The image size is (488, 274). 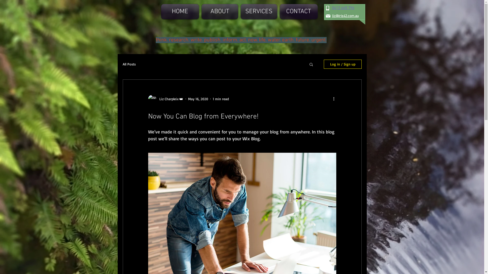 I want to click on 'SERVICES', so click(x=259, y=11).